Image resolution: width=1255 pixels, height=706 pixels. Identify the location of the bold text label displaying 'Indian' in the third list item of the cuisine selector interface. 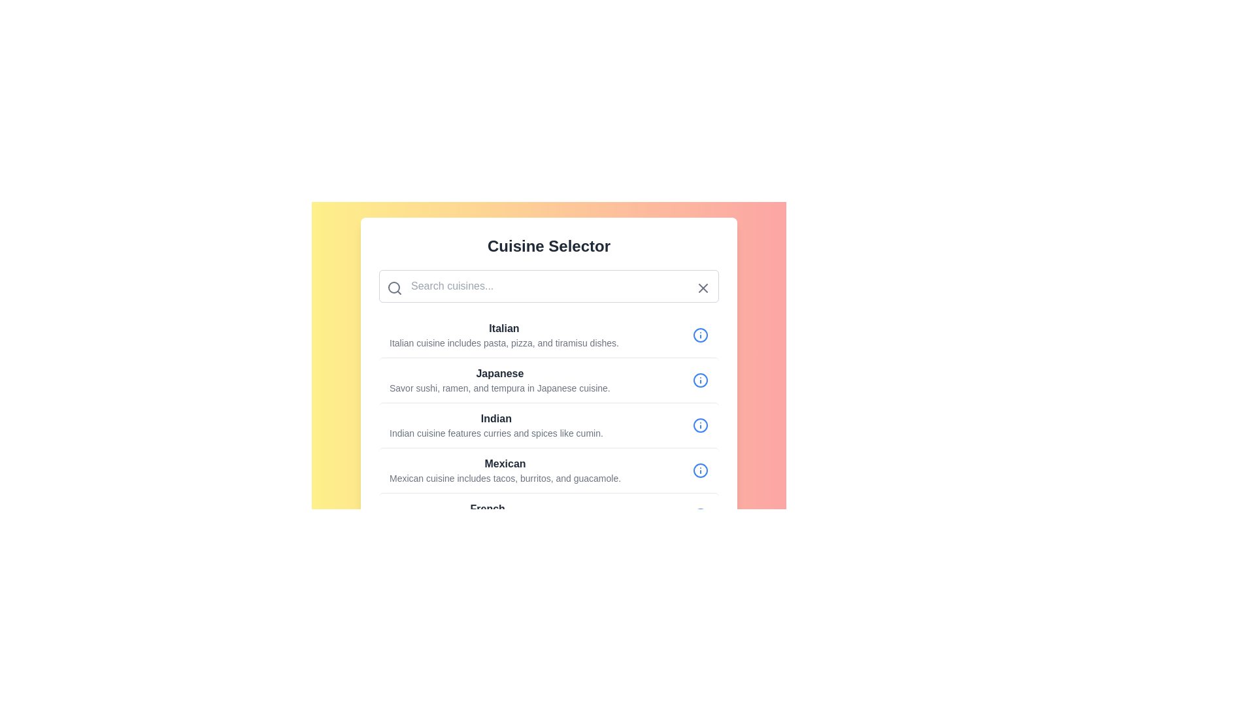
(495, 418).